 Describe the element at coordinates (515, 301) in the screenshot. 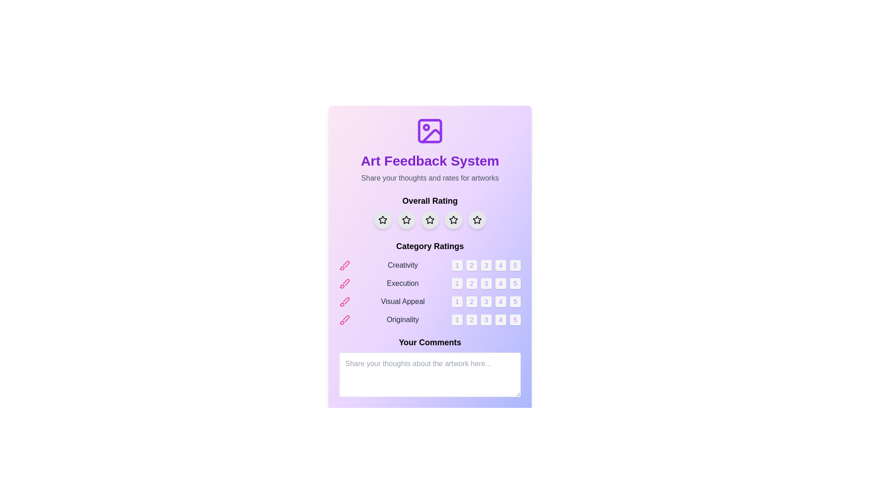

I see `the fifth button in the group of five buttons below the 'Visual Appeal' label` at that location.